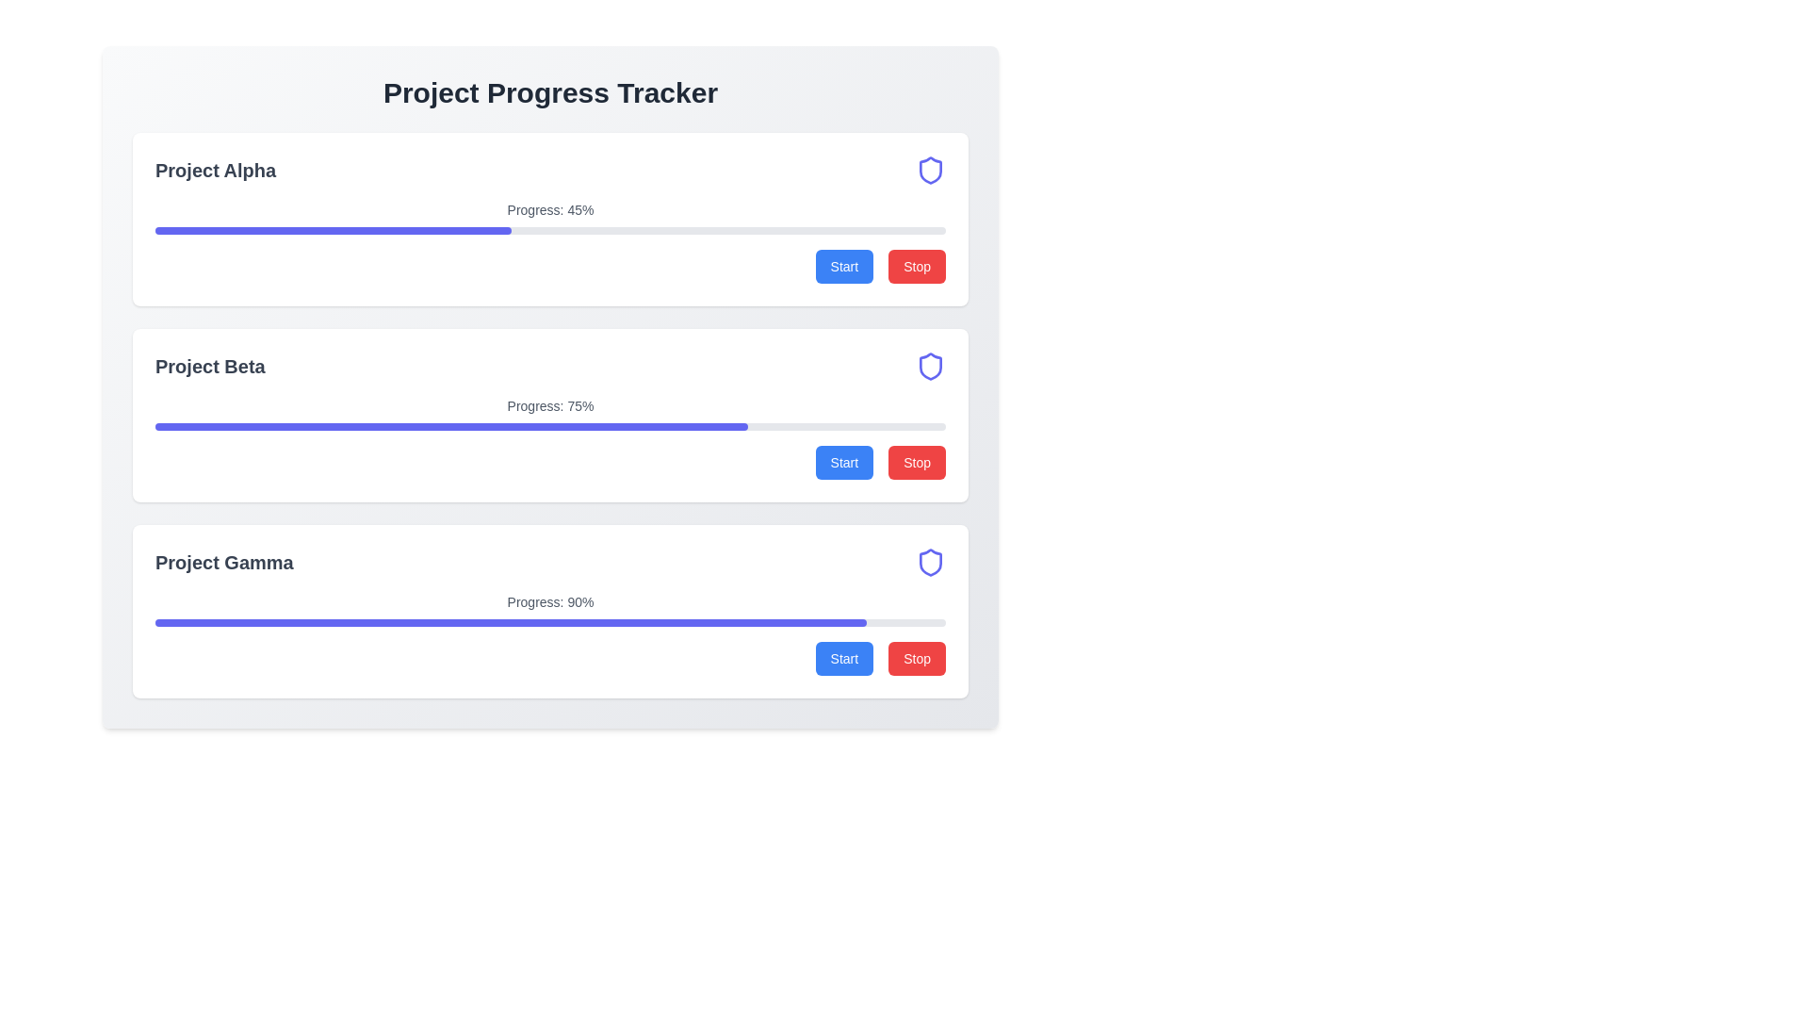 This screenshot has height=1018, width=1809. Describe the element at coordinates (931, 562) in the screenshot. I see `the third shield icon in the 'Project Gamma' progress tracker card, which represents a security or validation feature` at that location.